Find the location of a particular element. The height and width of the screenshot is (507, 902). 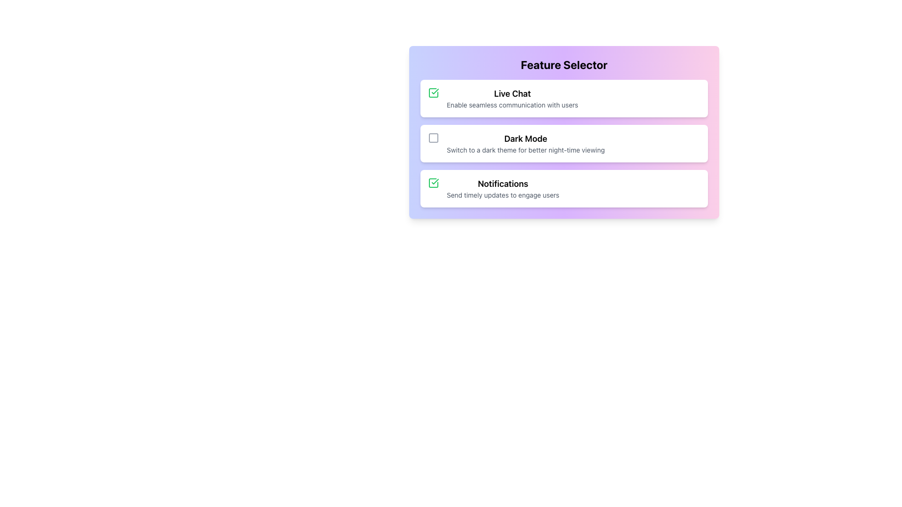

the 'Live Chat' text label located at the top of the 'Feature Selector' card, which is the first option in a vertically stacked list is located at coordinates (512, 94).